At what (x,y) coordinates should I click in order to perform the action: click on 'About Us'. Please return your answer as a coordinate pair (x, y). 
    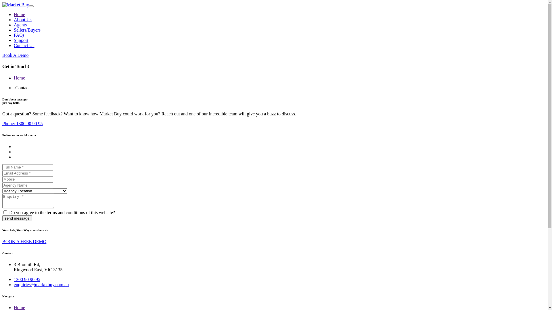
    Looking at the image, I should click on (22, 19).